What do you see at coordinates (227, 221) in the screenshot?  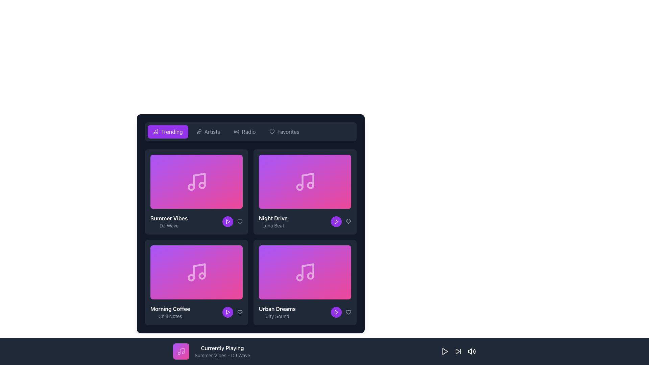 I see `the Circular button with an embedded play icon located at the bottom-right corner of the 'Summer Vibes' card` at bounding box center [227, 221].